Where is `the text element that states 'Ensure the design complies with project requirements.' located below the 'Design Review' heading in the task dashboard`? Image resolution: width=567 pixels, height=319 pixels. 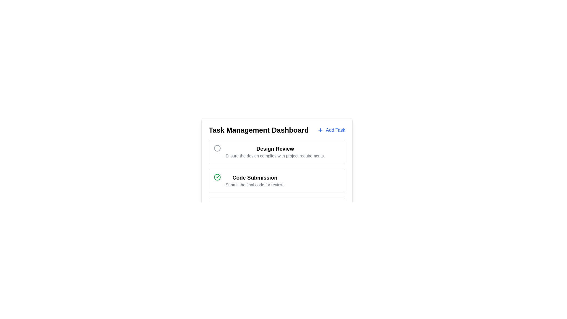 the text element that states 'Ensure the design complies with project requirements.' located below the 'Design Review' heading in the task dashboard is located at coordinates (275, 156).